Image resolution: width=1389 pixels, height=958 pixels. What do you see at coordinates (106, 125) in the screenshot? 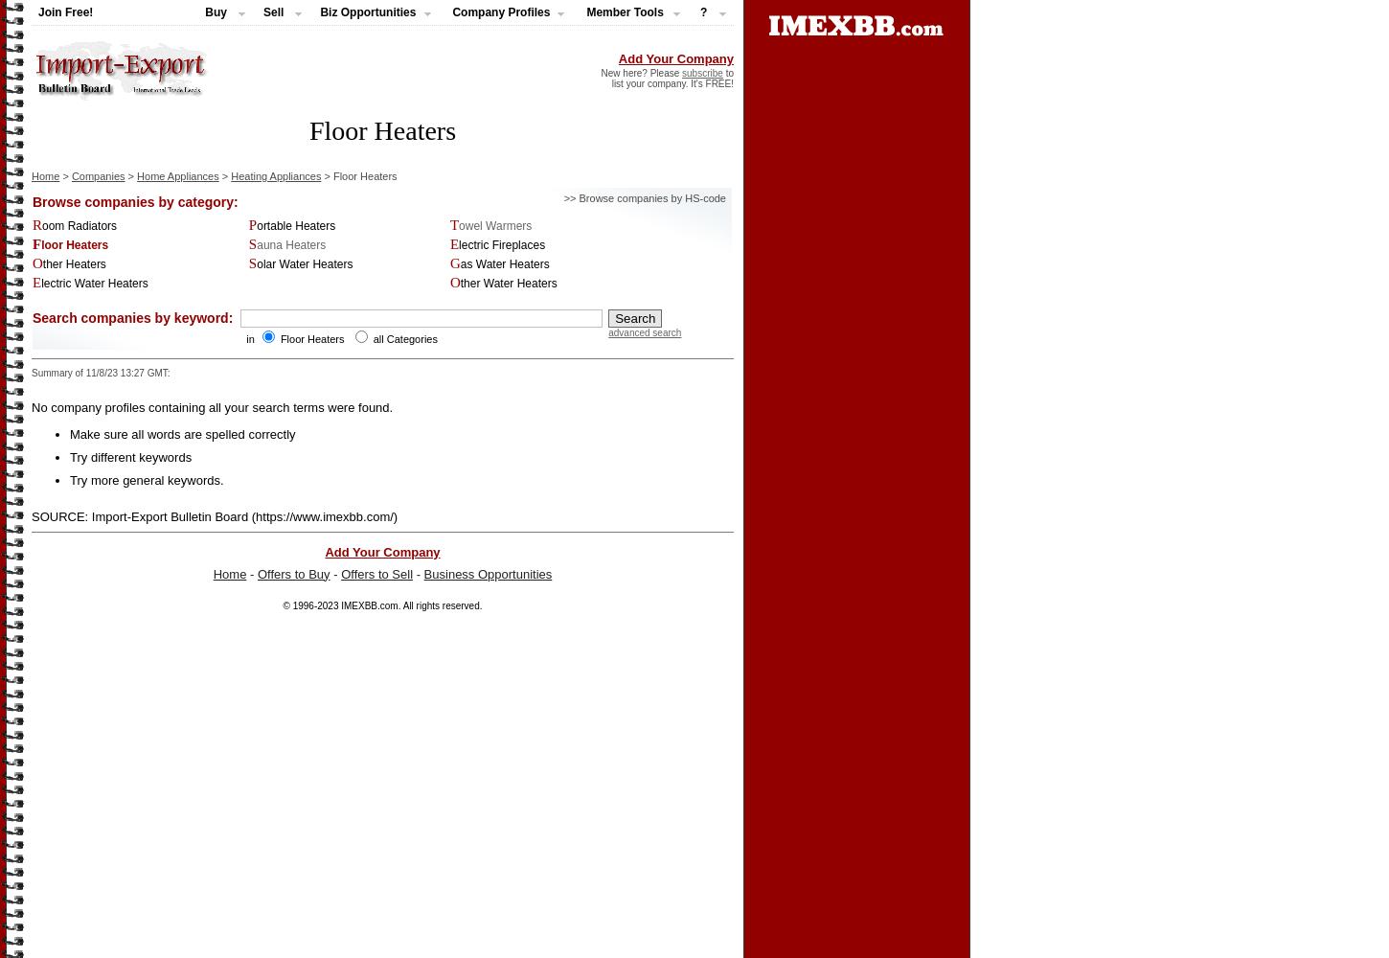
I see `'Update your Company Profile'` at bounding box center [106, 125].